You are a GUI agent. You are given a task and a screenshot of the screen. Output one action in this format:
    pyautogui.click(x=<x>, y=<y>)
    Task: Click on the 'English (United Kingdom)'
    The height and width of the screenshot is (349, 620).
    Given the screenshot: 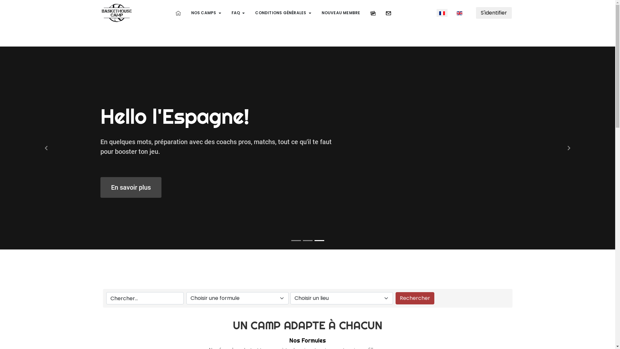 What is the action you would take?
    pyautogui.click(x=456, y=13)
    